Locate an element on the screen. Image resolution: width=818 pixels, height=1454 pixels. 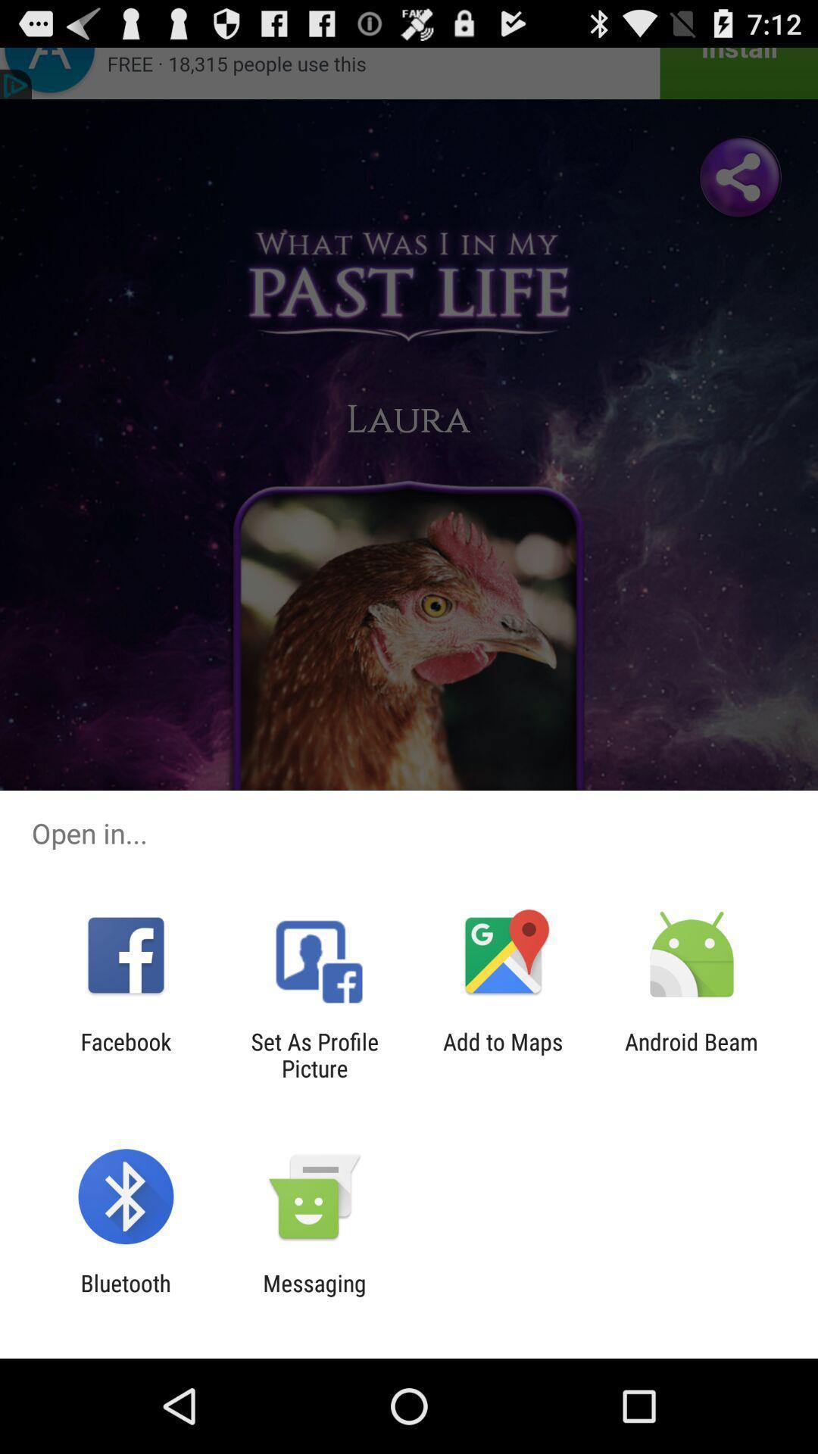
bluetooth icon is located at coordinates (125, 1296).